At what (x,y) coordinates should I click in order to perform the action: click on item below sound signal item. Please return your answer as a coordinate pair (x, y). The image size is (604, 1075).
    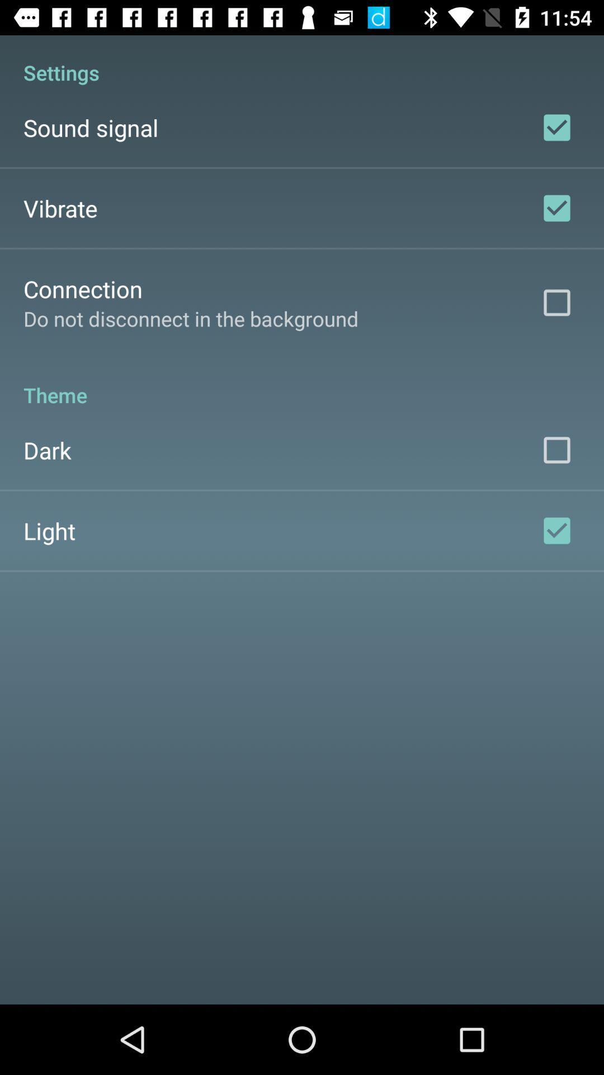
    Looking at the image, I should click on (60, 208).